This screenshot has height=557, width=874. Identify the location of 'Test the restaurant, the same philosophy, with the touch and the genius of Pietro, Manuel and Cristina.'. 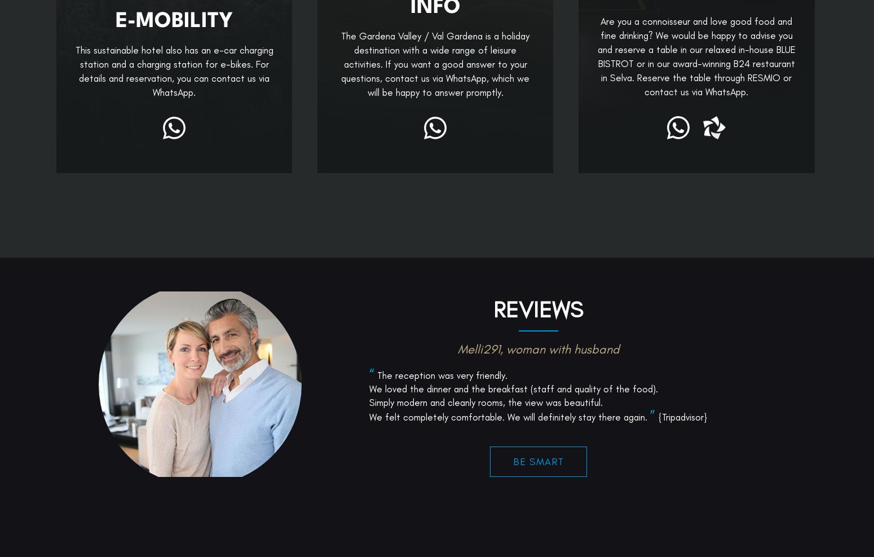
(537, 477).